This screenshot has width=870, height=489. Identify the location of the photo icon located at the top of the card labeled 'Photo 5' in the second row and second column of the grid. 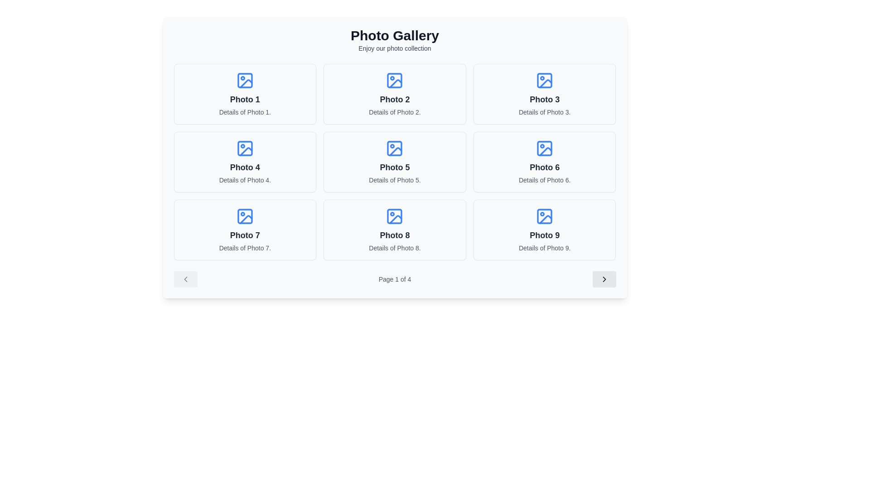
(395, 148).